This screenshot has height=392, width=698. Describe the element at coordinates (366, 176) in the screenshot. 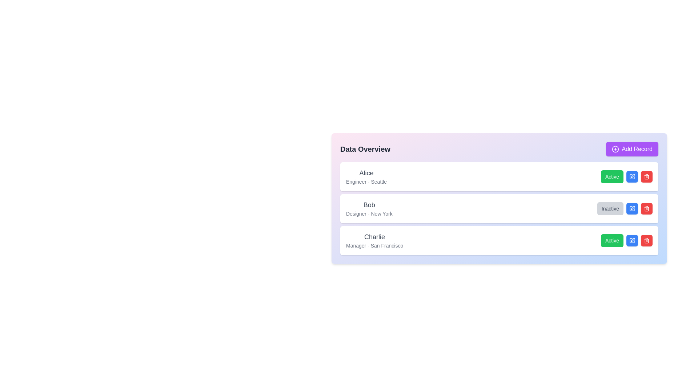

I see `the text label displaying 'Alice' and 'Engineer - Seattle', which is the first item in a list within a white rectangular card with rounded corners` at that location.